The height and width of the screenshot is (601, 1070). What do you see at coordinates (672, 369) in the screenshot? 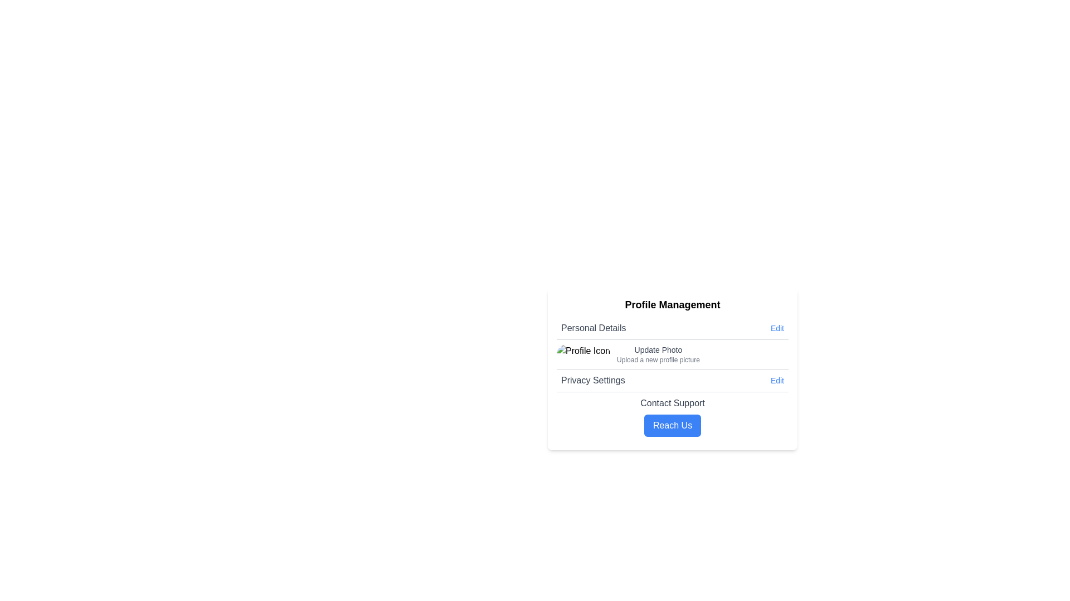
I see `the horizontal separator line located at the bottom of the 'Update Photo' section, which visually separates it from the 'Privacy Settings' section` at bounding box center [672, 369].